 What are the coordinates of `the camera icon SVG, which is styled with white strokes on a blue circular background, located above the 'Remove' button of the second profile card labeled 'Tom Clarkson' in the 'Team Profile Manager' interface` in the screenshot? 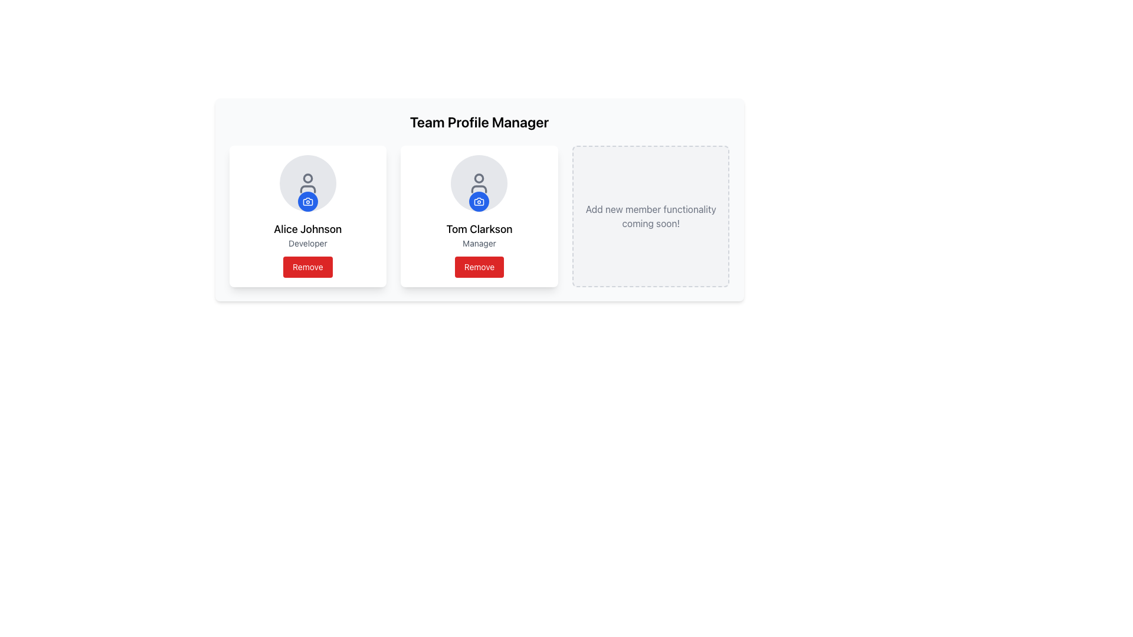 It's located at (479, 201).